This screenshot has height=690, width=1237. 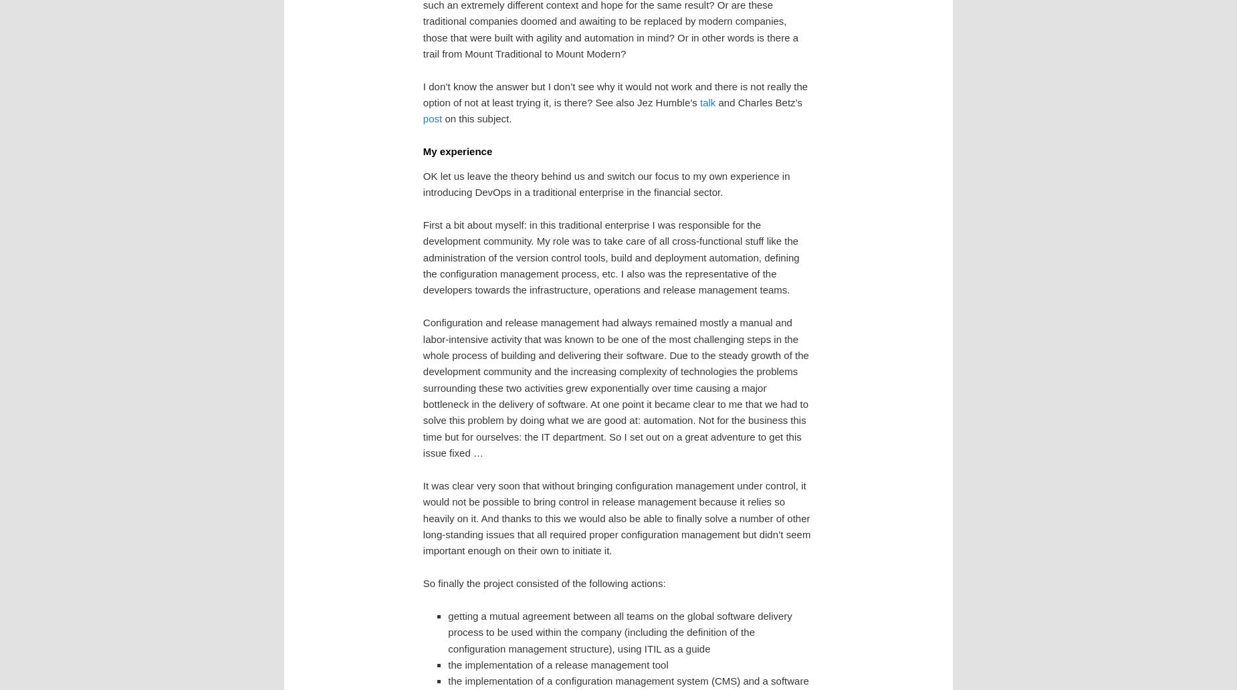 What do you see at coordinates (544, 583) in the screenshot?
I see `'So finally the project consisted of the following actions:'` at bounding box center [544, 583].